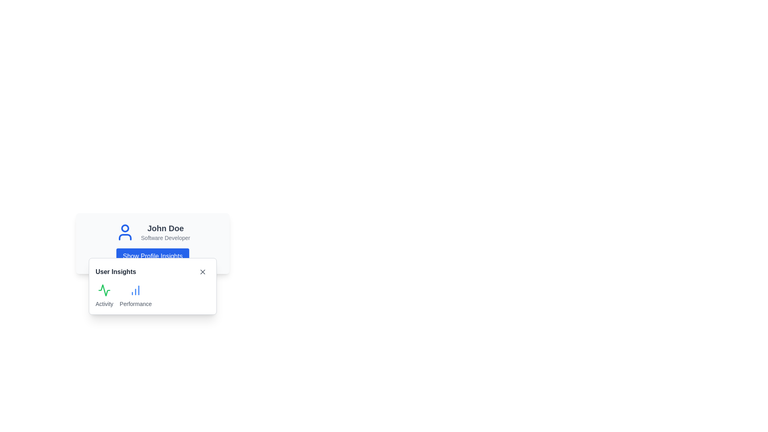  Describe the element at coordinates (104, 296) in the screenshot. I see `the Icon with text label representing the user's activity insights, located in the 'User Insights' pop-up card above the 'Activity' text` at that location.